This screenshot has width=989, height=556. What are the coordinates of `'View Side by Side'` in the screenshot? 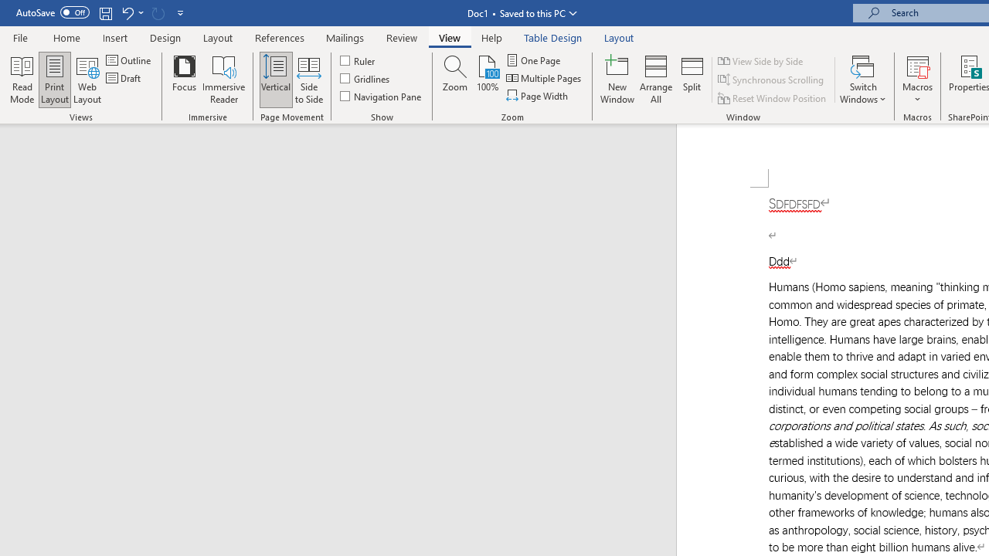 It's located at (761, 60).